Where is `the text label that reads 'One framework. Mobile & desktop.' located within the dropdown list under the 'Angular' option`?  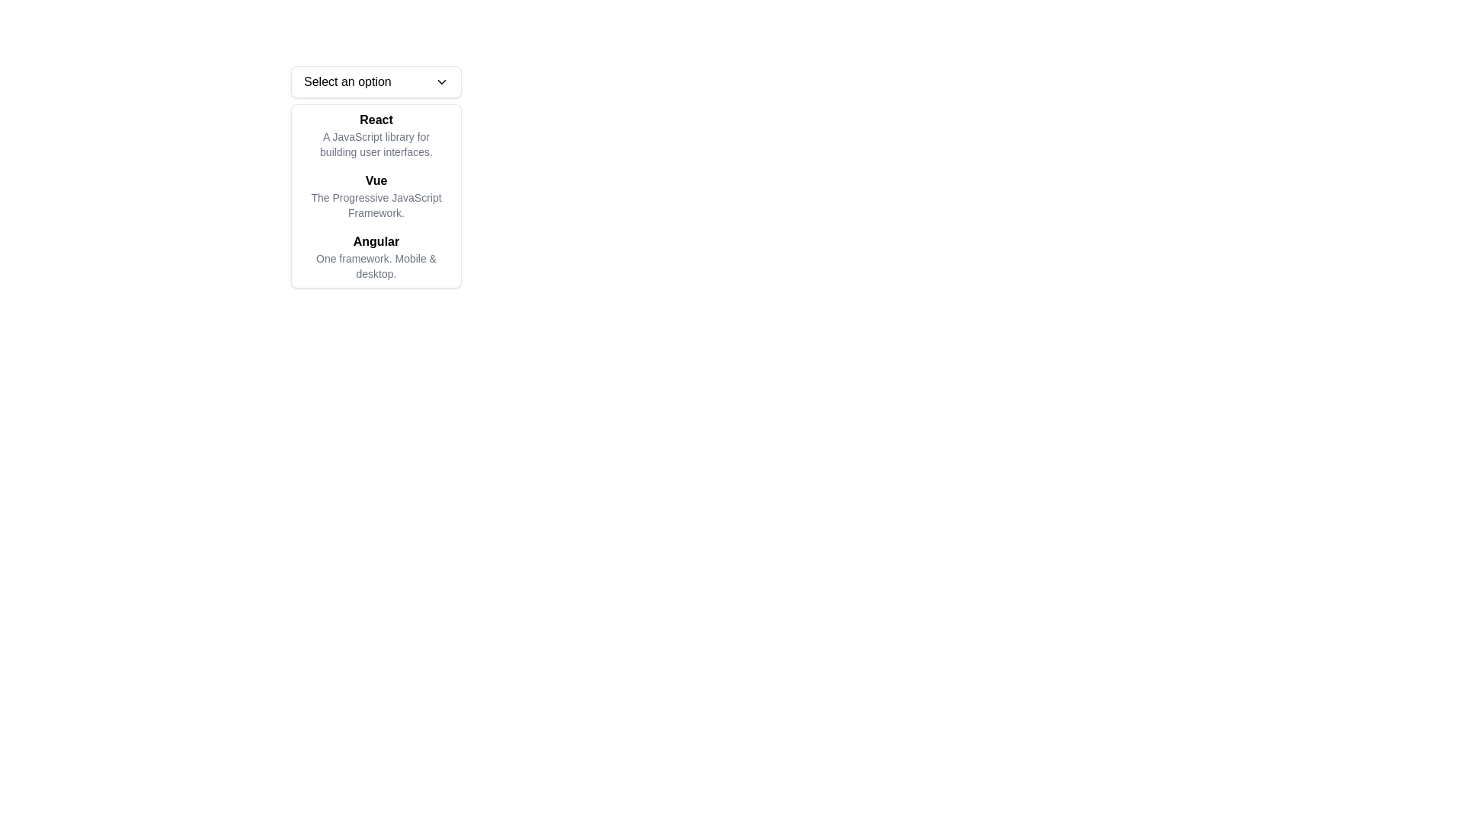 the text label that reads 'One framework. Mobile & desktop.' located within the dropdown list under the 'Angular' option is located at coordinates (376, 266).